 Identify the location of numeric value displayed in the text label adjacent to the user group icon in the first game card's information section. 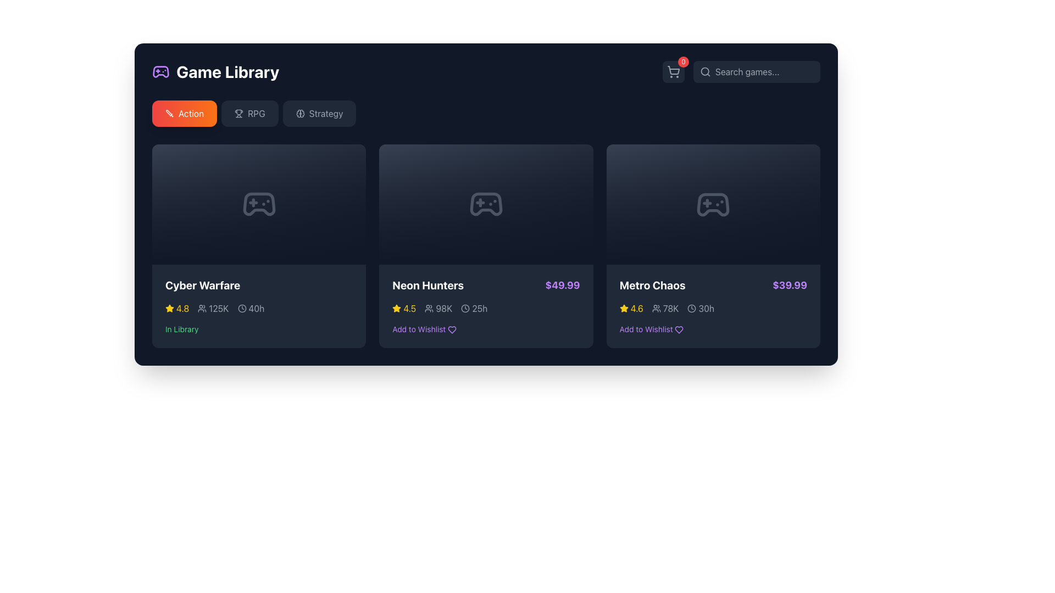
(219, 309).